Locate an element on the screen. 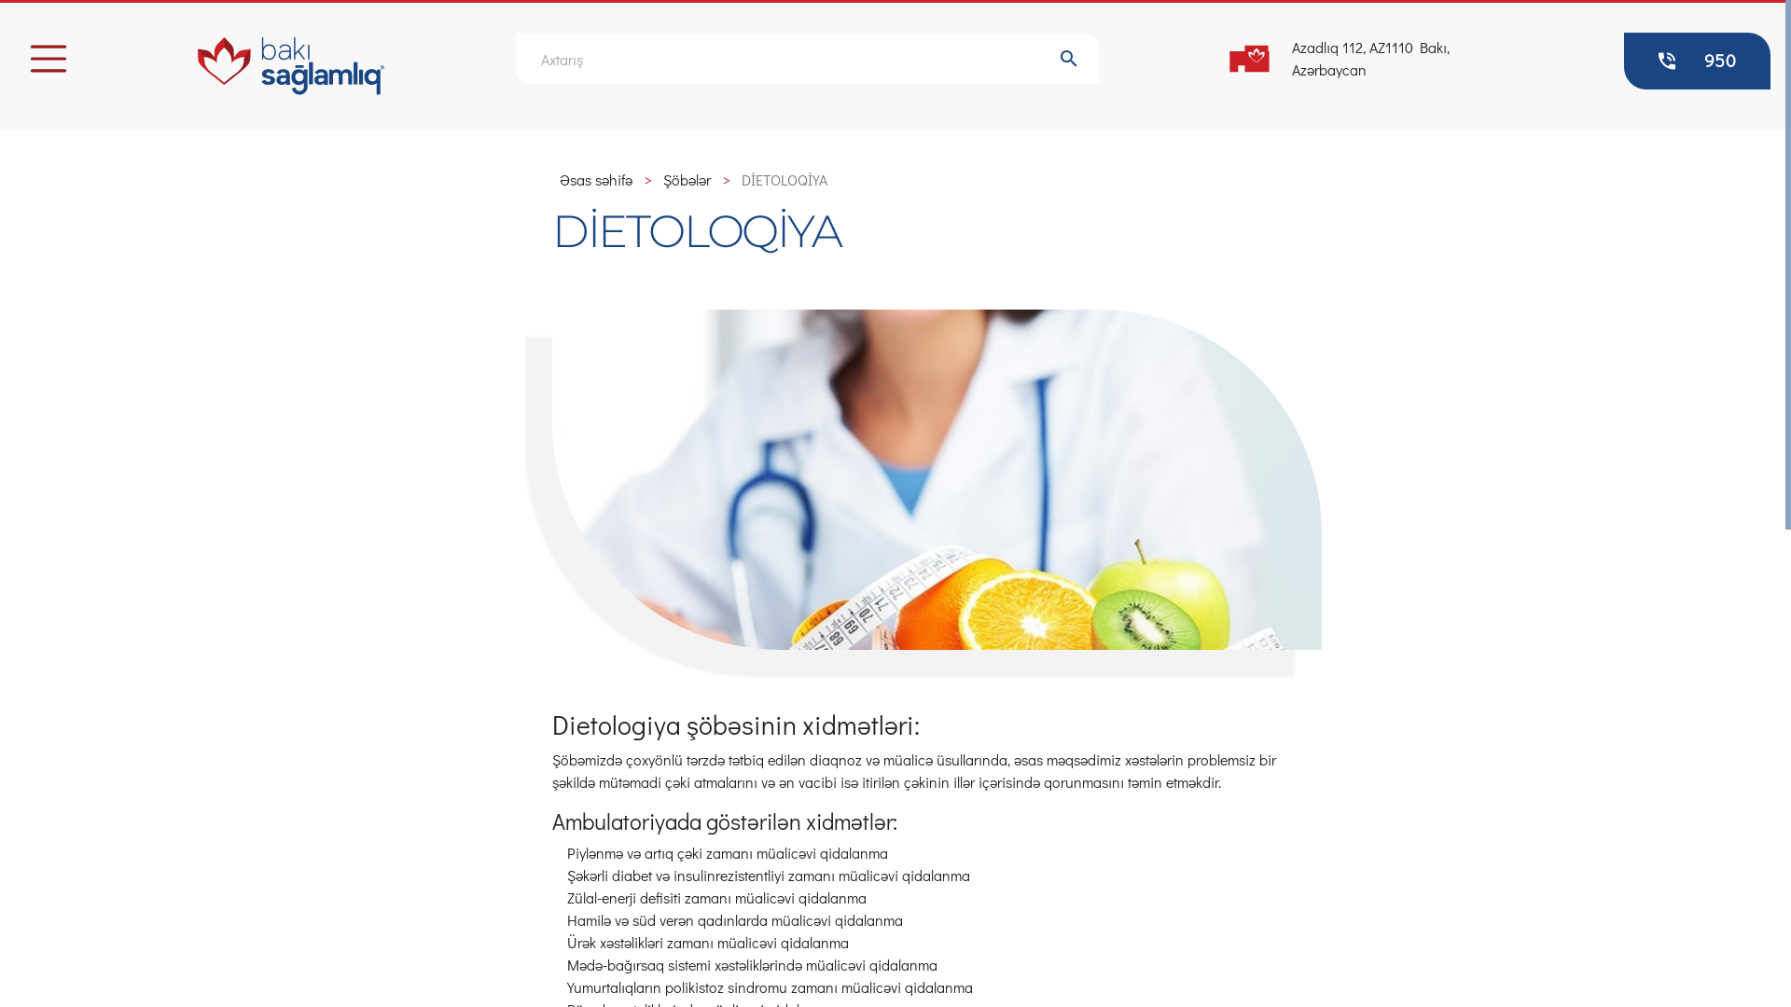  '950' is located at coordinates (1623, 60).